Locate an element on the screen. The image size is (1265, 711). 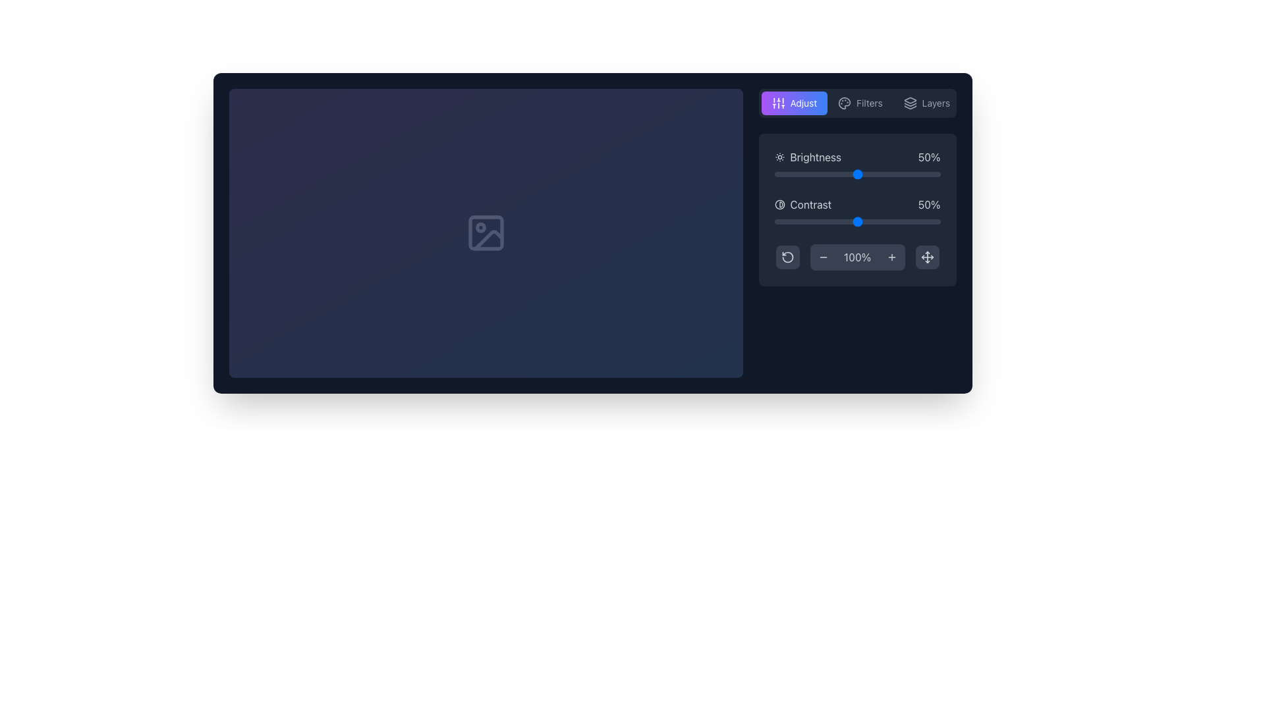
the 'Layers' button in the top-right corner of the layout is located at coordinates (926, 103).